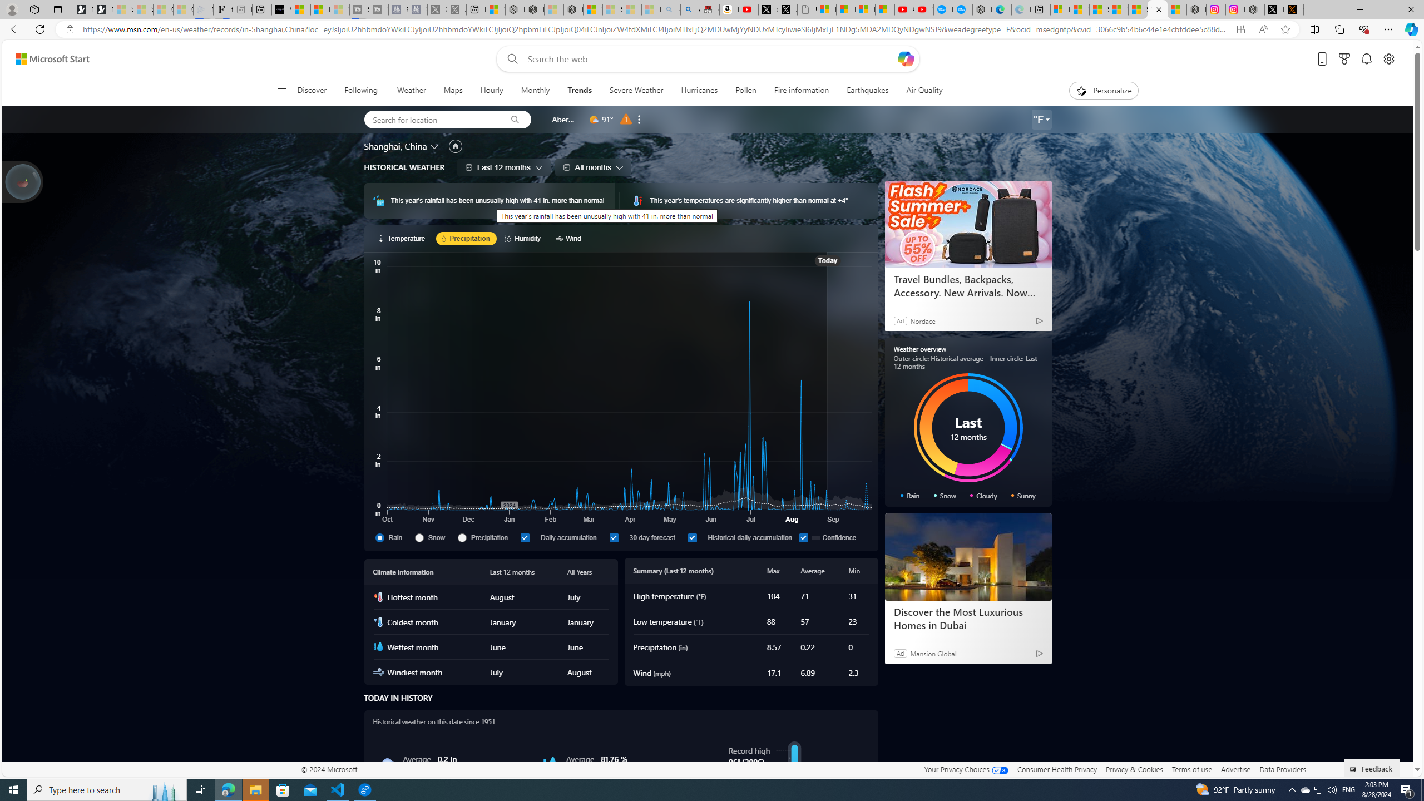 Image resolution: width=1424 pixels, height=801 pixels. I want to click on 'Temperature', so click(402, 238).